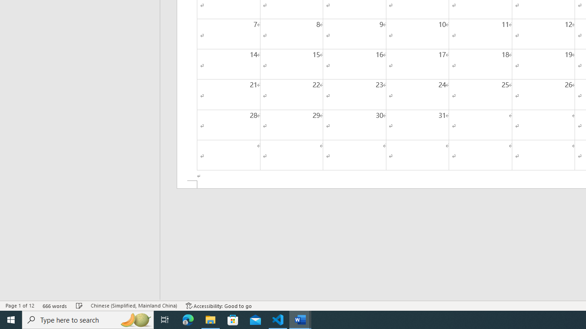  What do you see at coordinates (20, 306) in the screenshot?
I see `'Page Number Page 1 of 12'` at bounding box center [20, 306].